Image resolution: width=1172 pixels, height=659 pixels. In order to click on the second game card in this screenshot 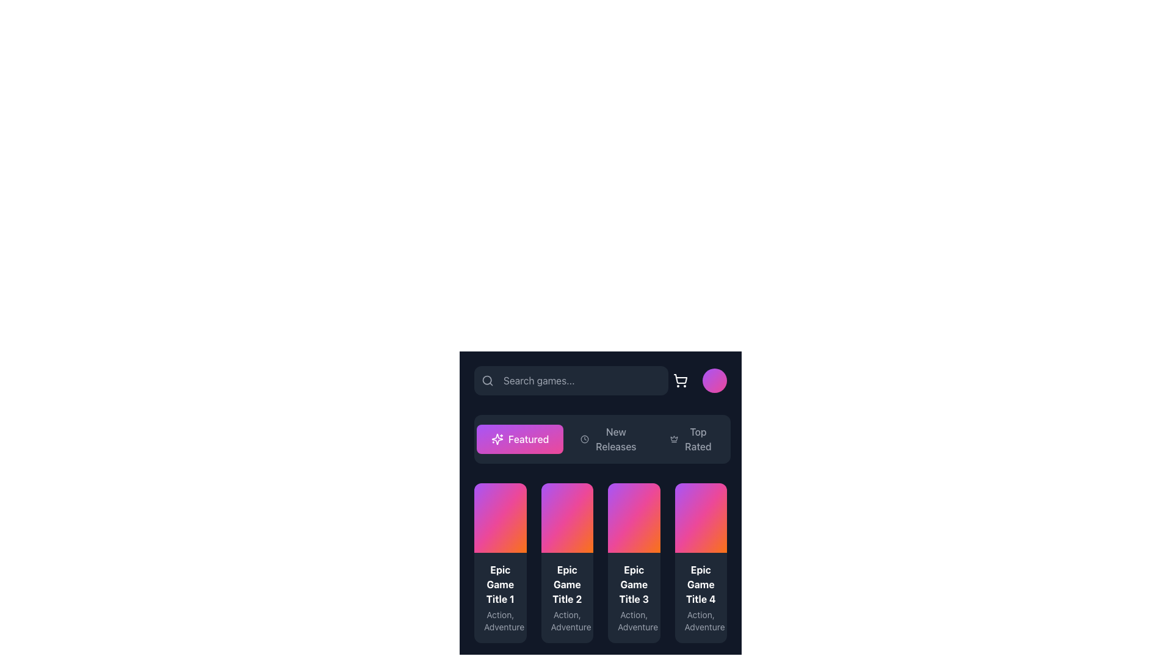, I will do `click(566, 563)`.